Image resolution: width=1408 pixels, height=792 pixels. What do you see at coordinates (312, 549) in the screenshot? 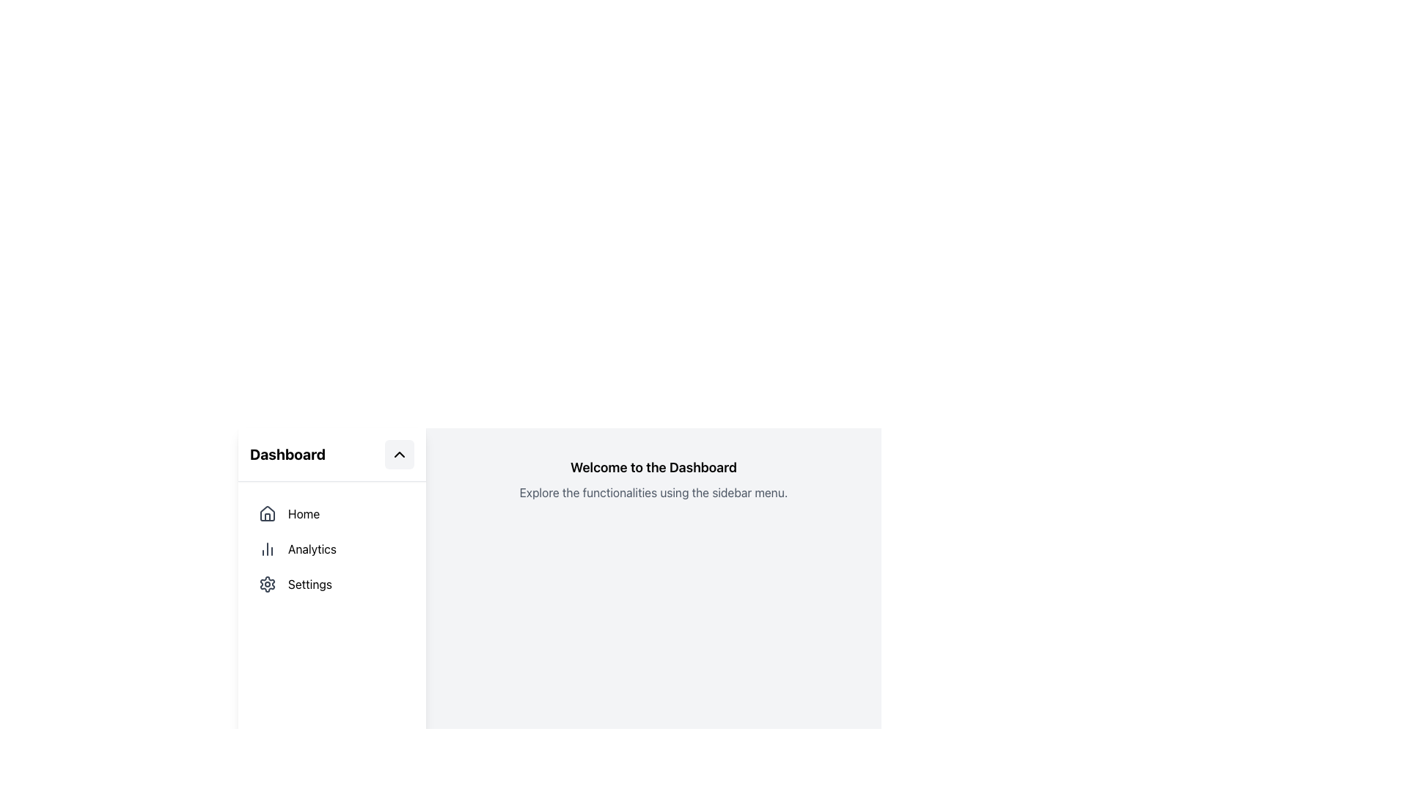
I see `the 'Analytics' text label in the vertical menu` at bounding box center [312, 549].